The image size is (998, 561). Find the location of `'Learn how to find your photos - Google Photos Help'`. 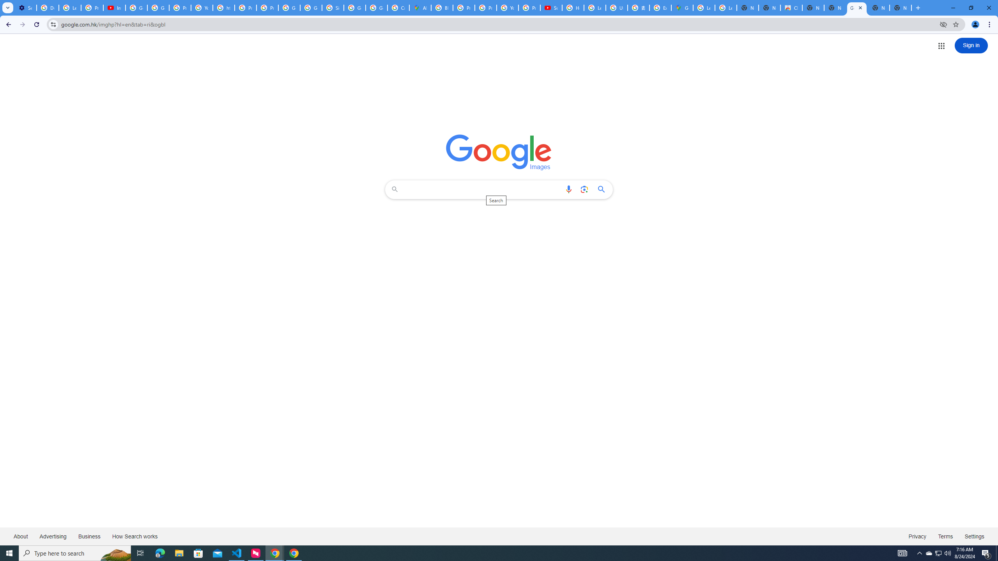

'Learn how to find your photos - Google Photos Help' is located at coordinates (70, 7).